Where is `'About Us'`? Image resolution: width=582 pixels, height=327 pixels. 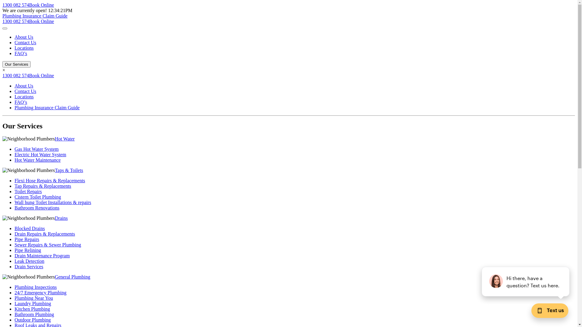
'About Us' is located at coordinates (24, 86).